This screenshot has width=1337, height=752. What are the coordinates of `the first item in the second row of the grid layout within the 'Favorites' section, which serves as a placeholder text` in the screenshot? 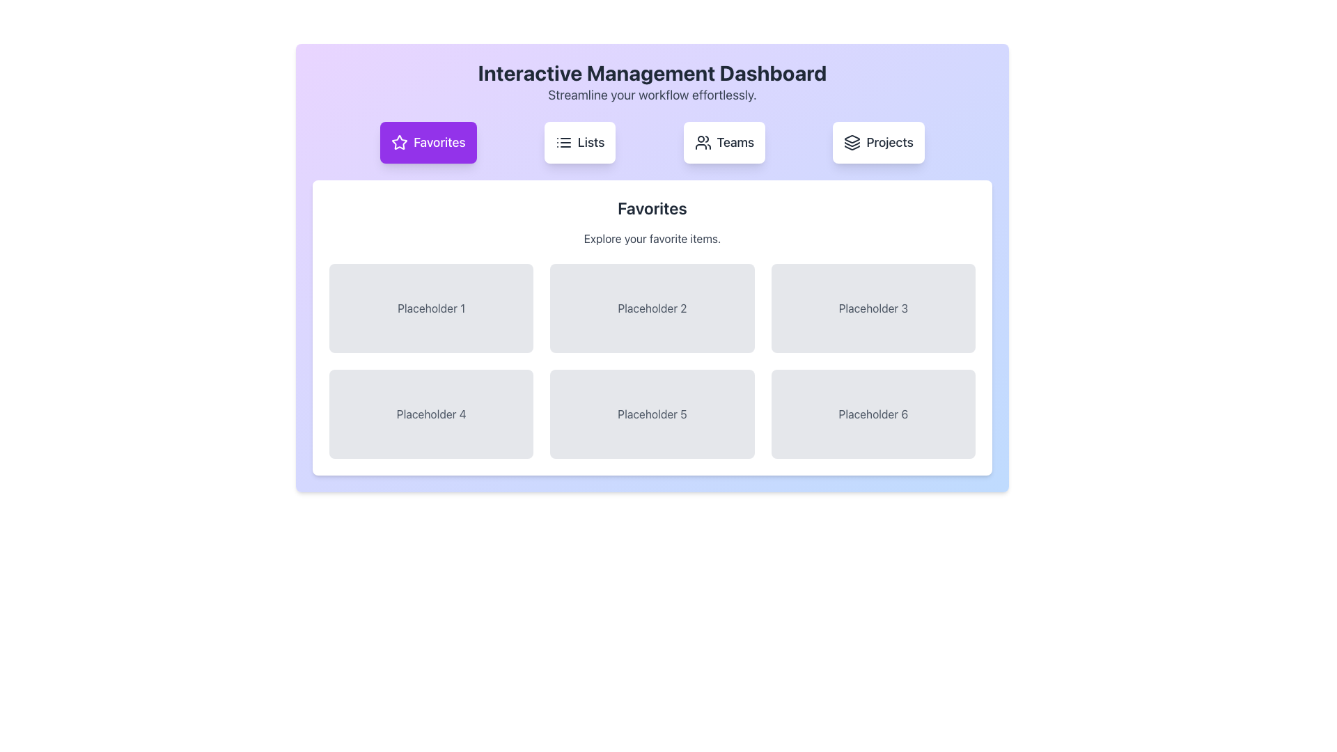 It's located at (430, 413).